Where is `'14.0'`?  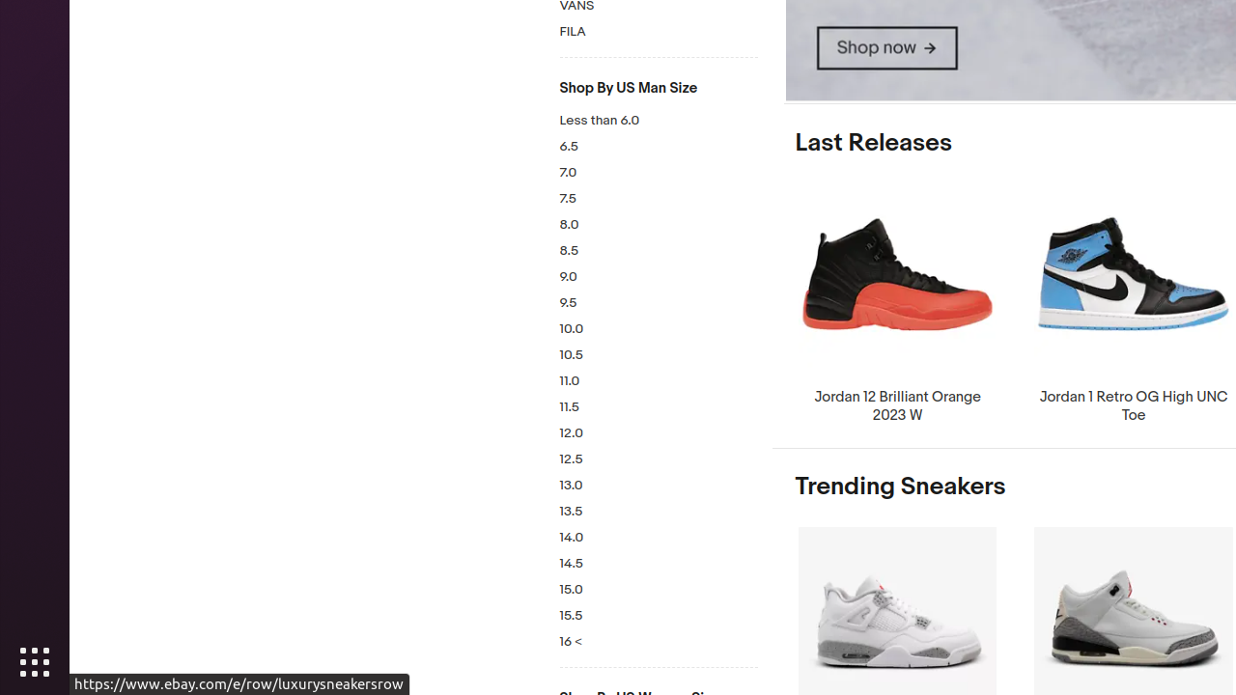 '14.0' is located at coordinates (658, 538).